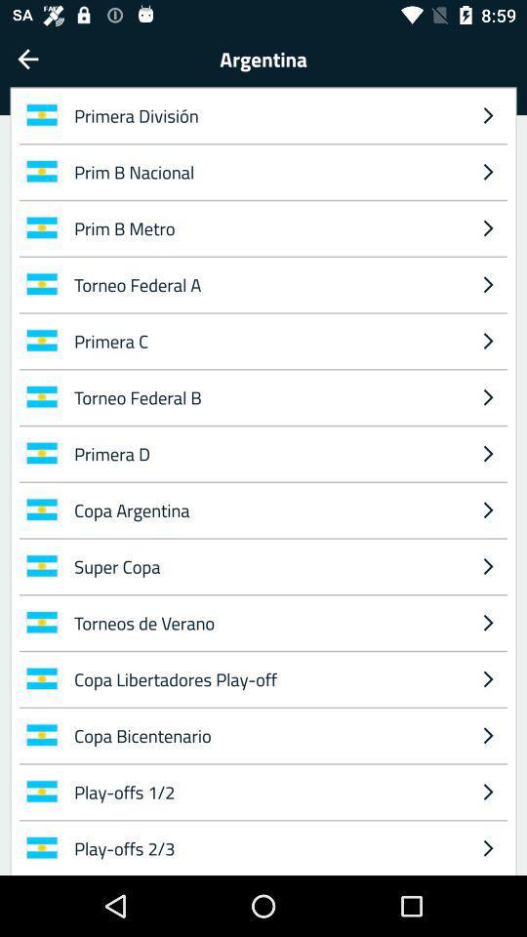 Image resolution: width=527 pixels, height=937 pixels. I want to click on the icon below the prim b nacional item, so click(487, 227).